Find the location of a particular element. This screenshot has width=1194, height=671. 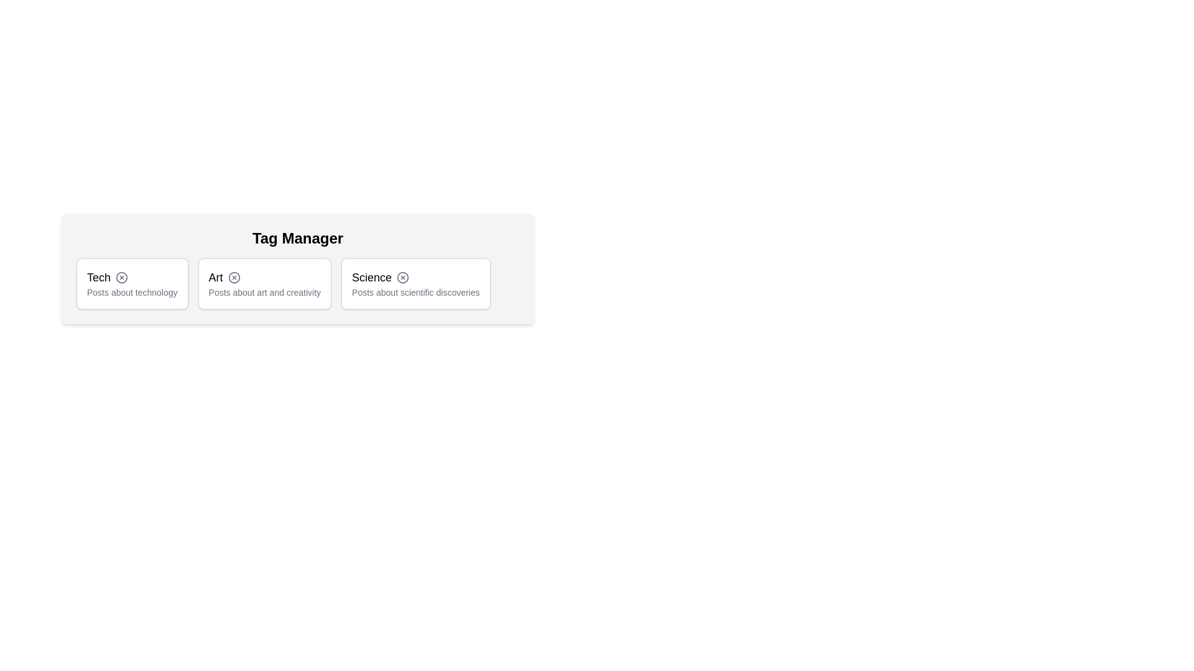

the tag Science by clicking on it is located at coordinates (415, 283).